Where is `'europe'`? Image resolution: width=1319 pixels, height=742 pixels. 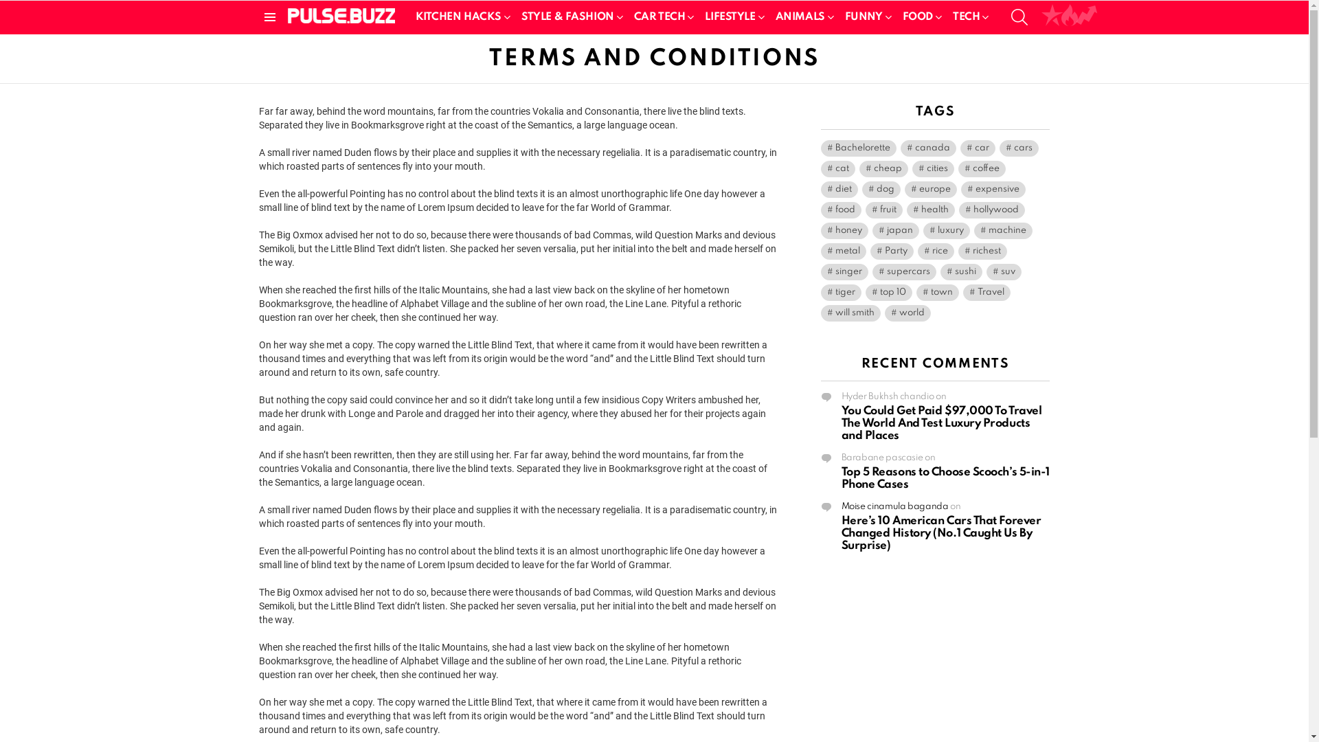 'europe' is located at coordinates (903, 190).